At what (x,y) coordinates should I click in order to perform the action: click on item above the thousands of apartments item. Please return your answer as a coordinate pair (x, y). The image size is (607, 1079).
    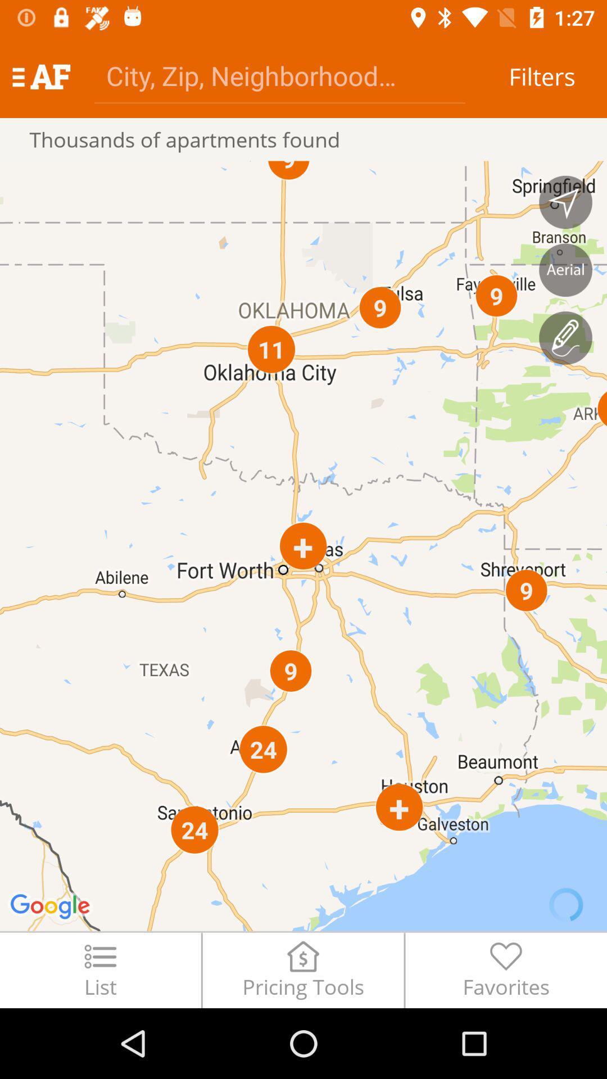
    Looking at the image, I should click on (40, 76).